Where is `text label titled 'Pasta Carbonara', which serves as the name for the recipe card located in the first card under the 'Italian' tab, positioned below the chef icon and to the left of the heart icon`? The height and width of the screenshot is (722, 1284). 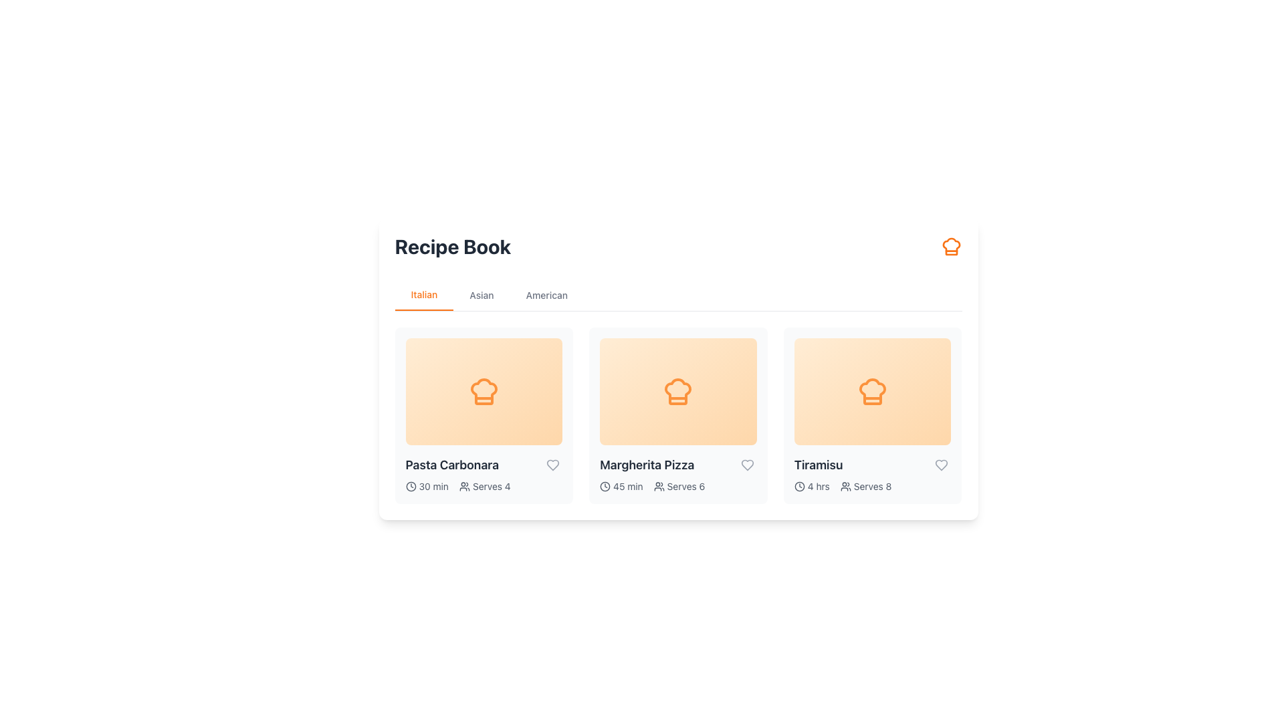 text label titled 'Pasta Carbonara', which serves as the name for the recipe card located in the first card under the 'Italian' tab, positioned below the chef icon and to the left of the heart icon is located at coordinates (483, 464).